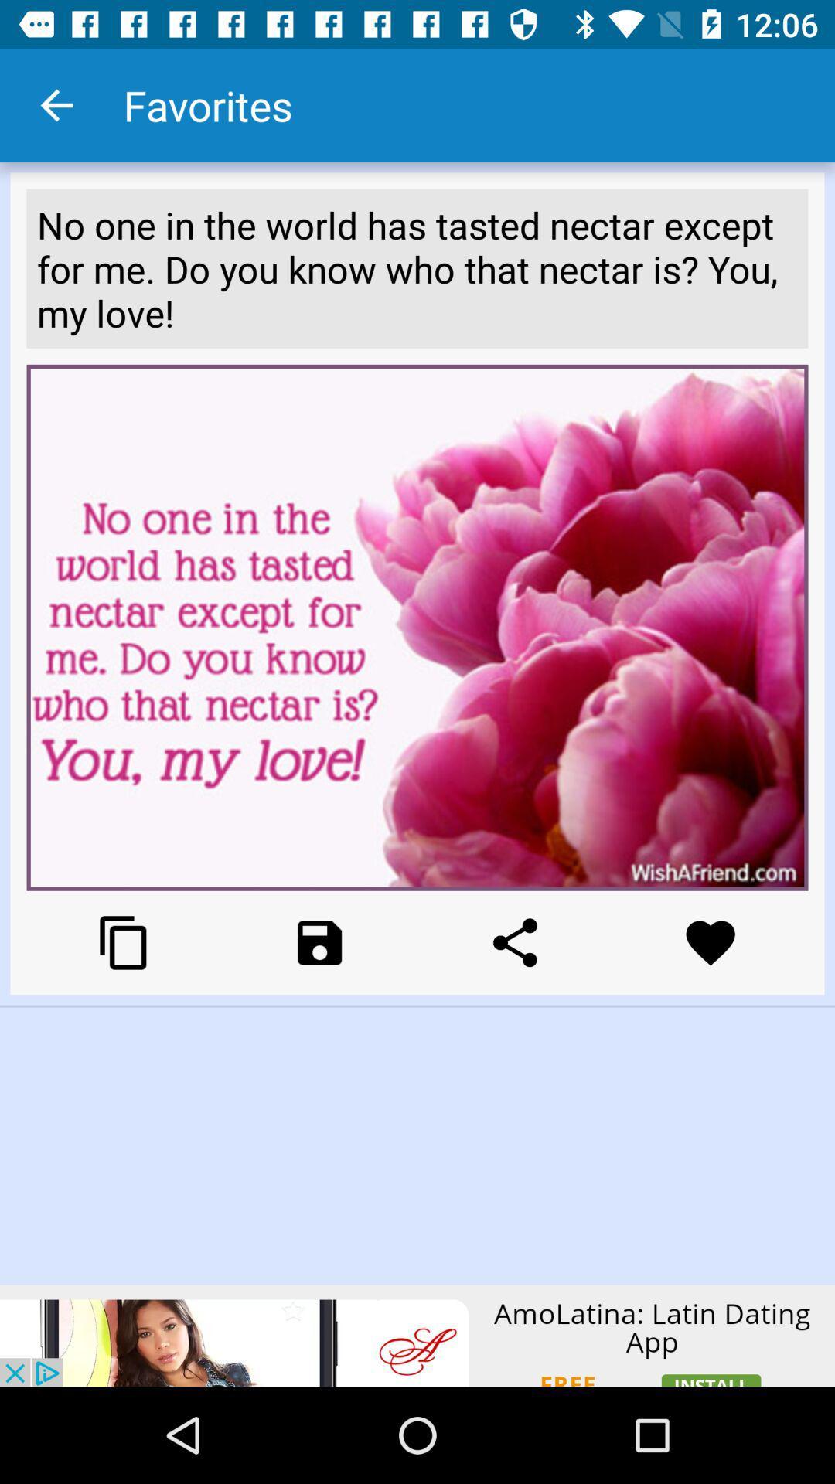 Image resolution: width=835 pixels, height=1484 pixels. I want to click on advertisement about latin dating app, so click(417, 1335).